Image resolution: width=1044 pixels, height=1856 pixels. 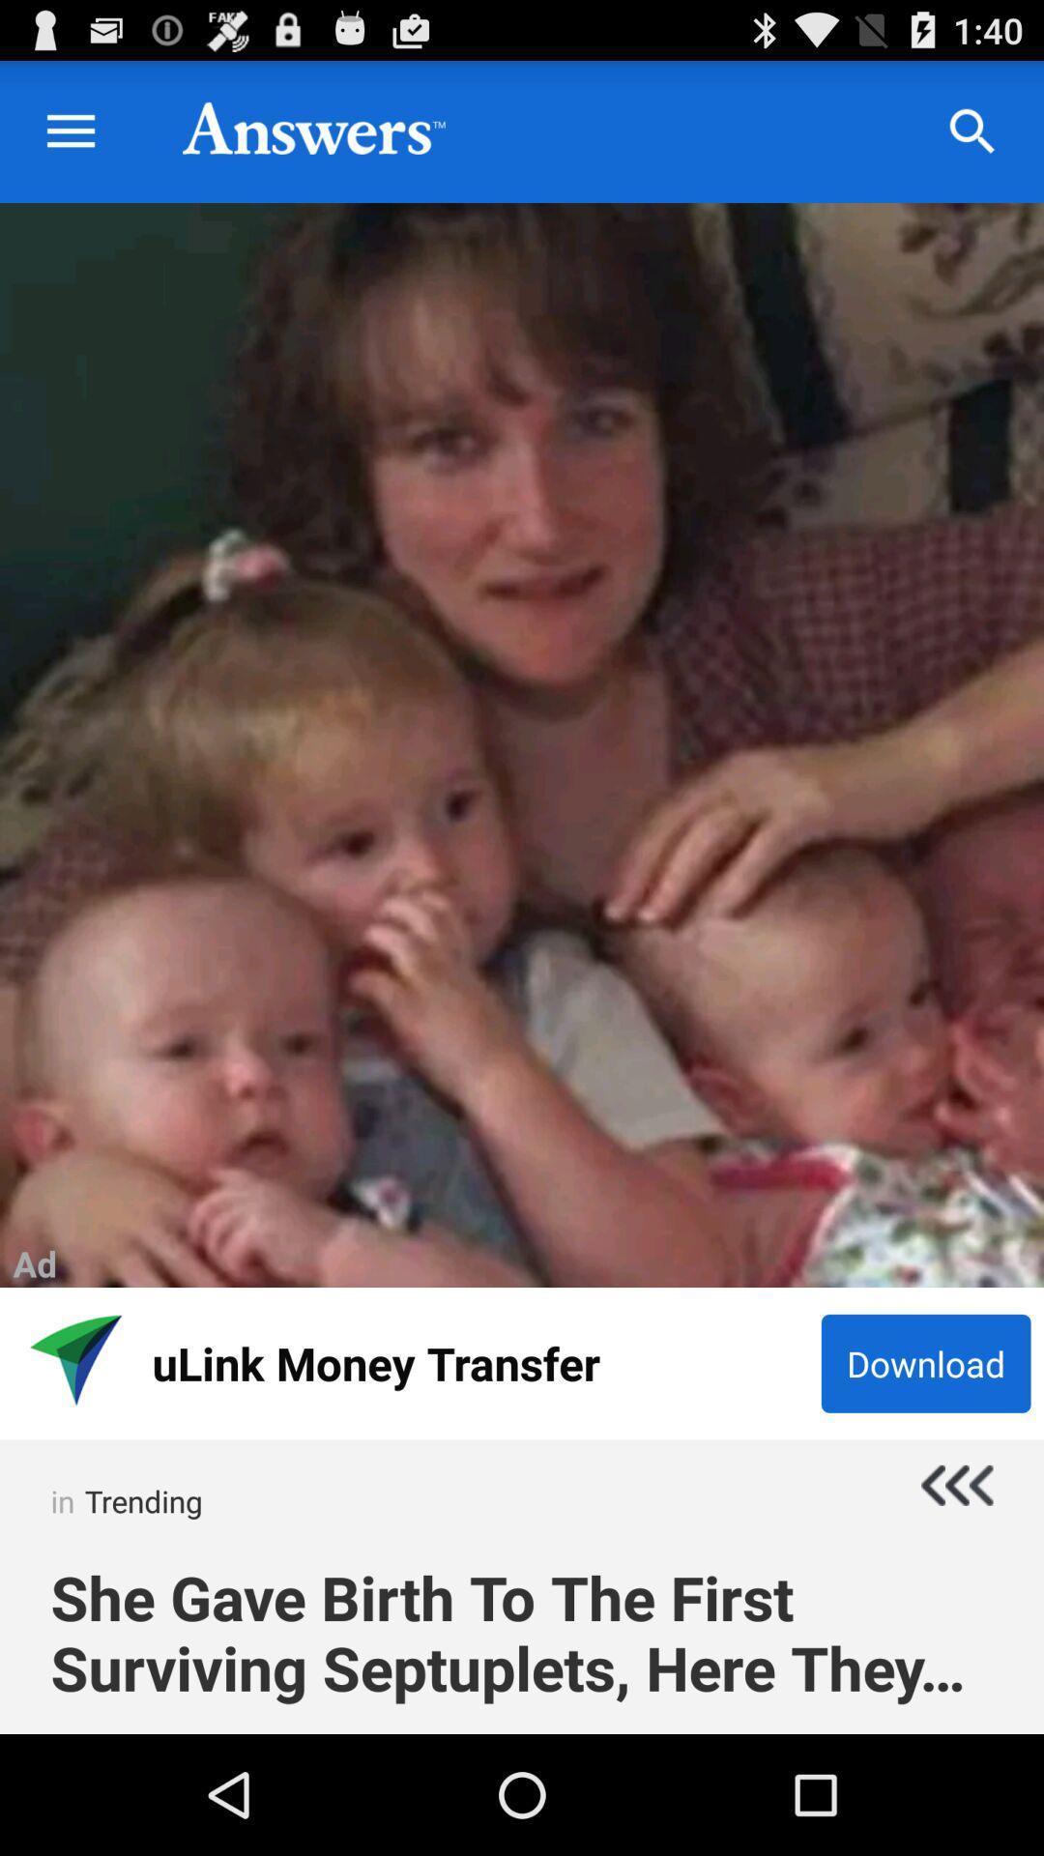 I want to click on the search icon which is on the top right corner of the page, so click(x=972, y=130).